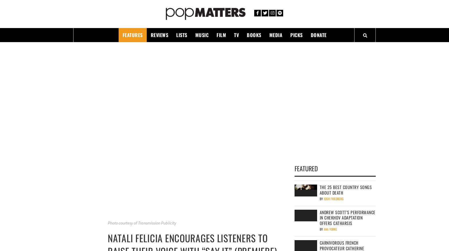 The image size is (449, 251). What do you see at coordinates (221, 34) in the screenshot?
I see `'Film'` at bounding box center [221, 34].